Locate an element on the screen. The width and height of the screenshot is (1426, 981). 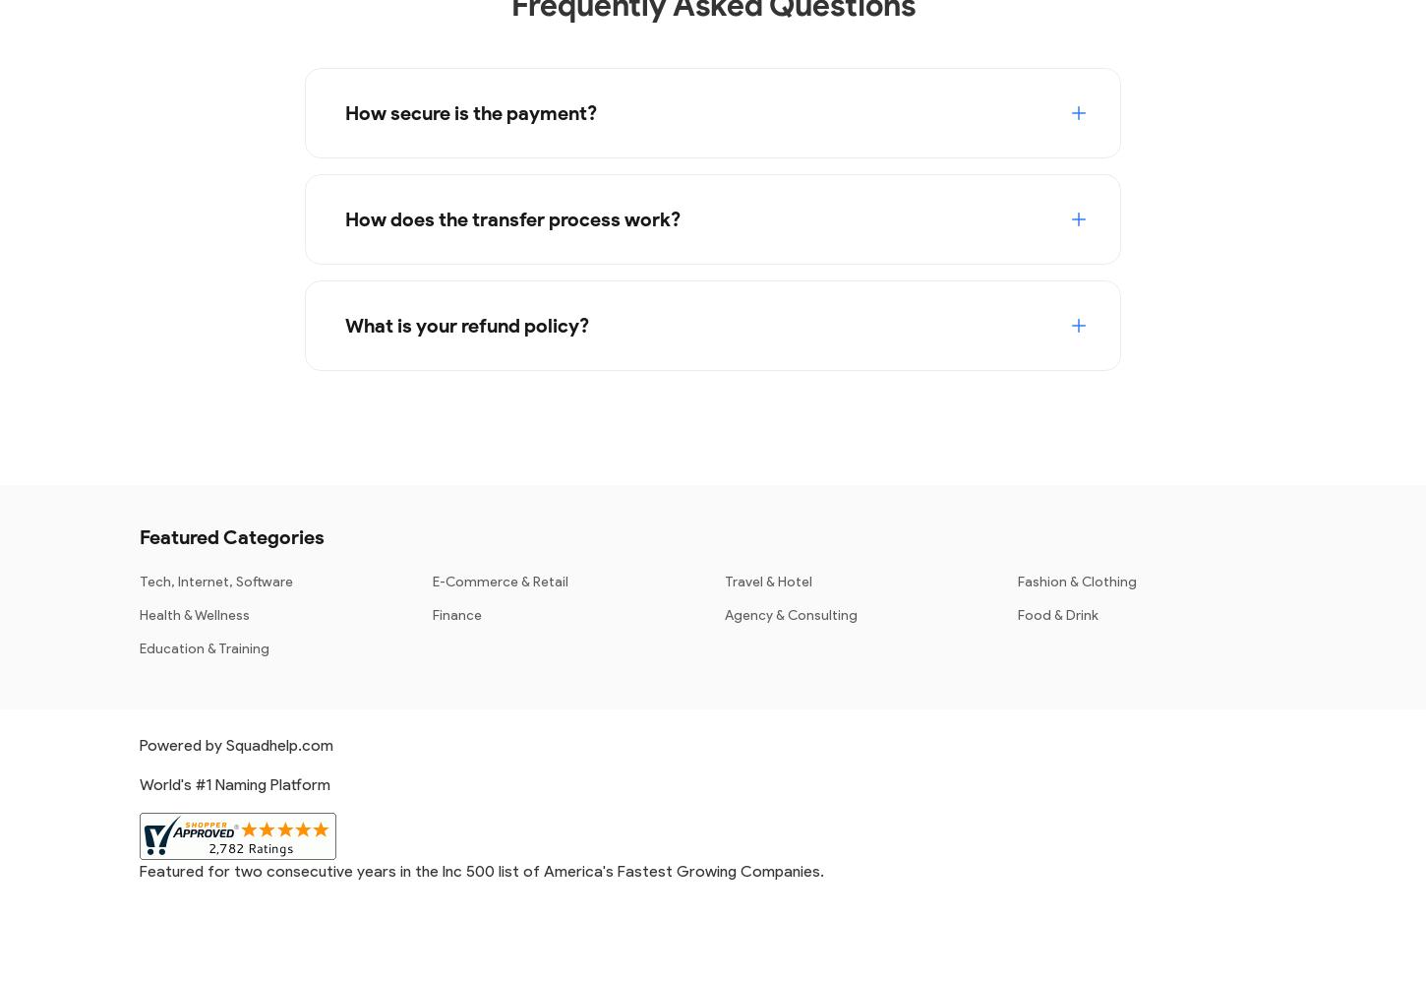
'What is your refund policy?' is located at coordinates (466, 324).